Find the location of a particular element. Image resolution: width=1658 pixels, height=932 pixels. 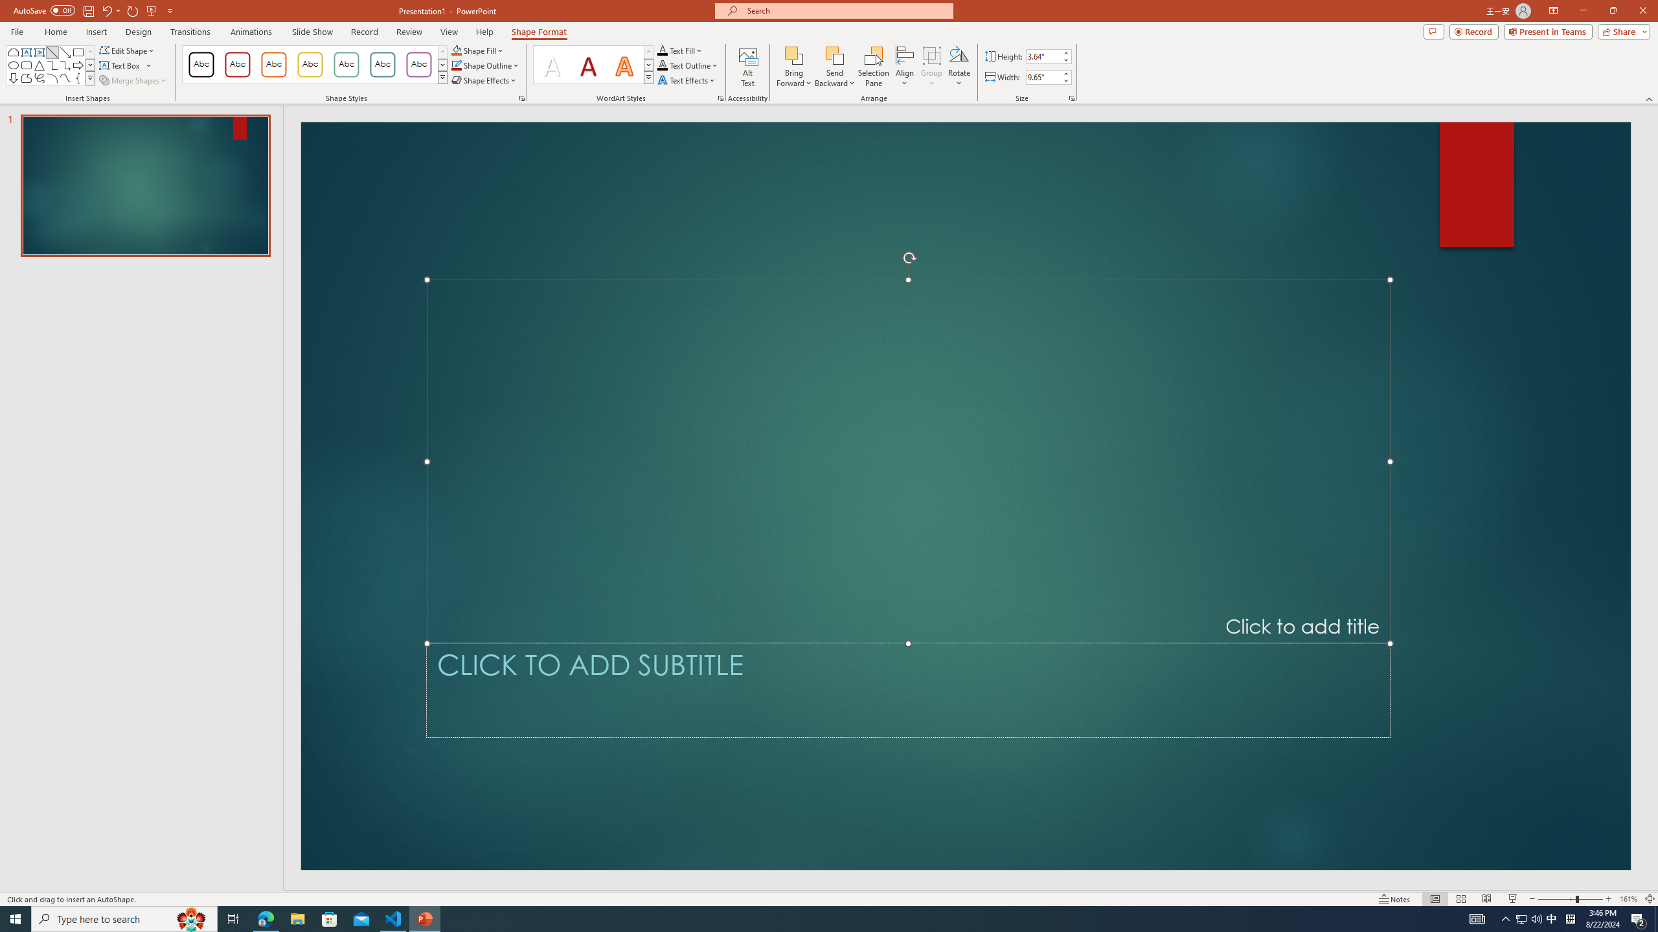

'Fill: Dark Red, Accent color 1; Shadow' is located at coordinates (588, 64).